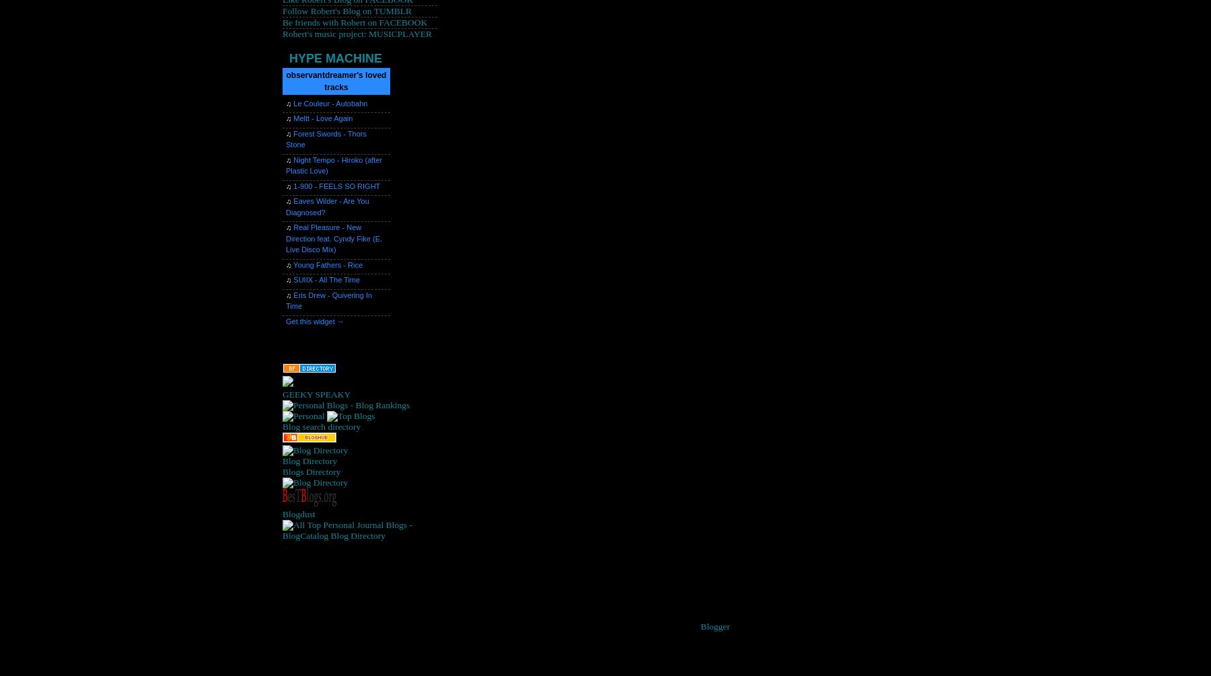  Describe the element at coordinates (282, 471) in the screenshot. I see `'Blogs Directory'` at that location.